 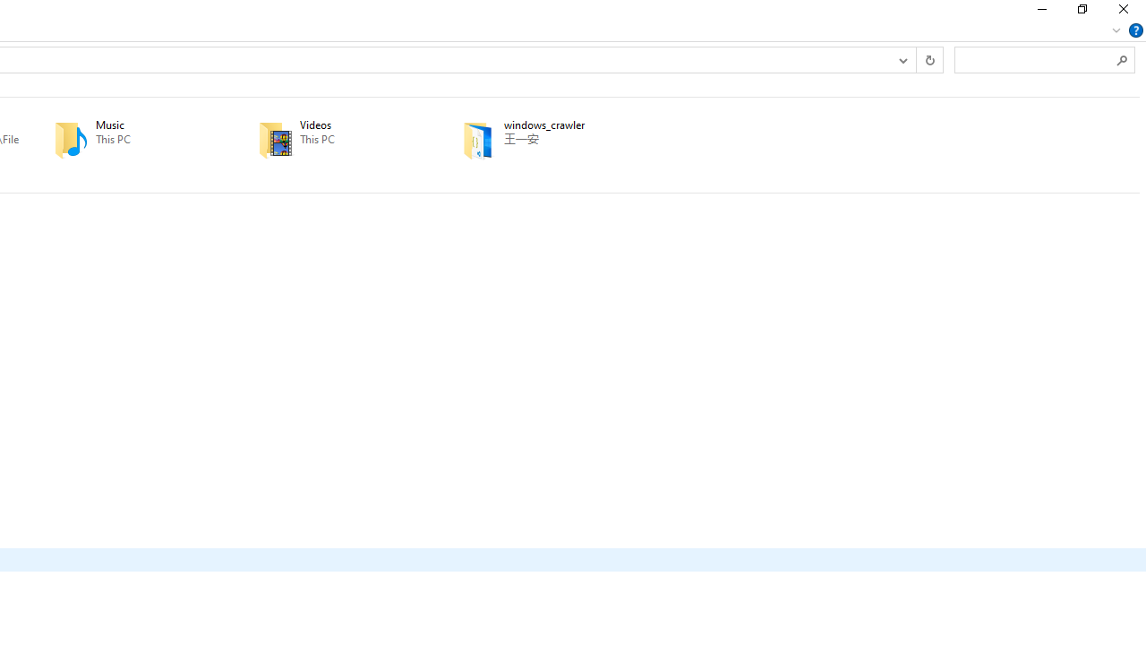 I want to click on 'Refresh "Quick access" (F5)', so click(x=929, y=58).